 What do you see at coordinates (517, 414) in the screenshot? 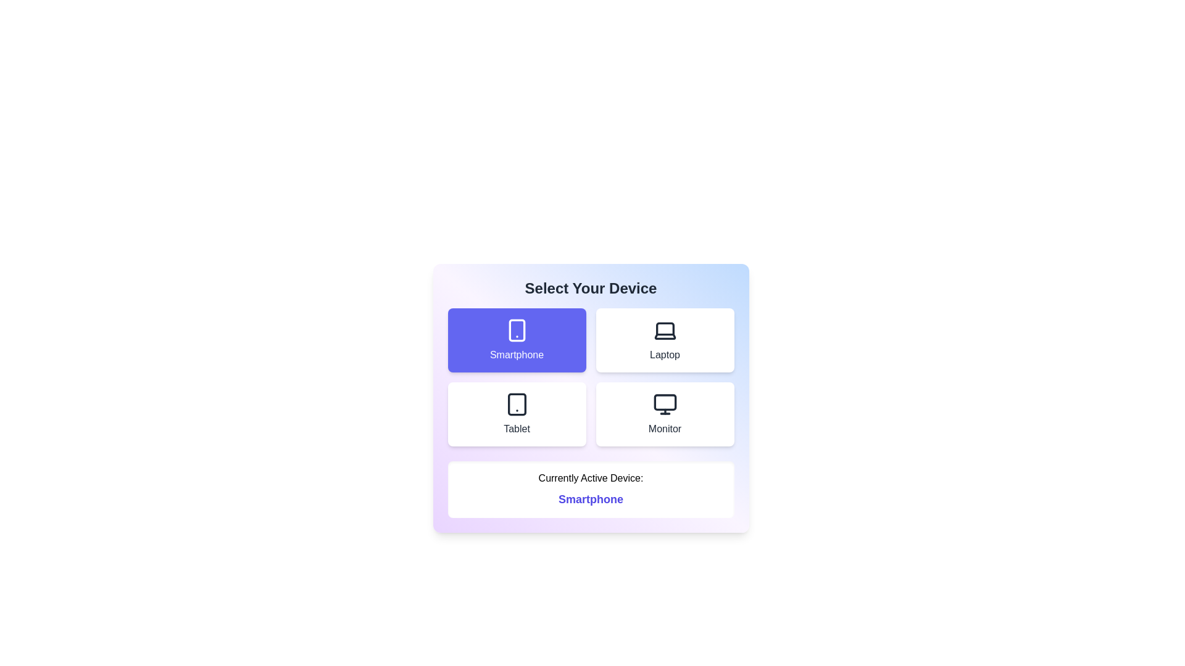
I see `the device option labeled Tablet to observe its hover effect` at bounding box center [517, 414].